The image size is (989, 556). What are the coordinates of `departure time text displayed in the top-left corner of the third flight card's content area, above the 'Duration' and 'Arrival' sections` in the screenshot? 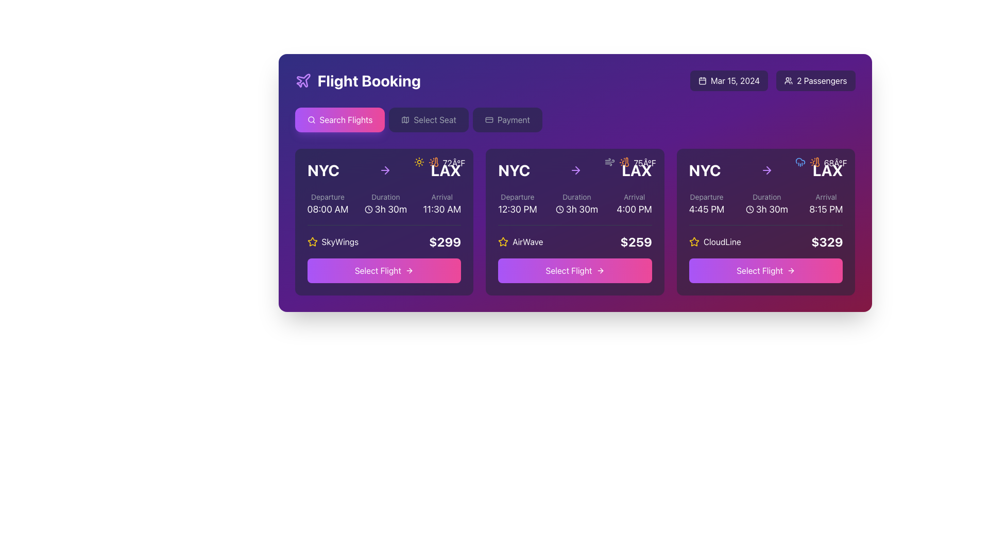 It's located at (706, 204).